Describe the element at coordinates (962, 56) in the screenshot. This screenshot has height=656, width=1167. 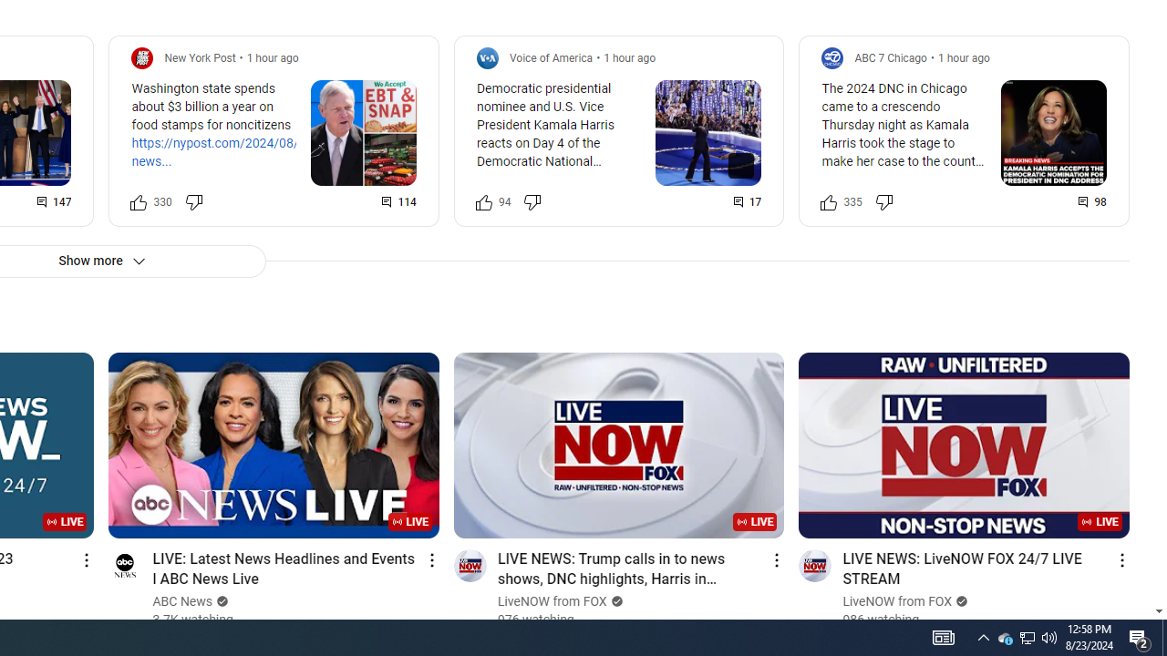
I see `'1 hour ago'` at that location.